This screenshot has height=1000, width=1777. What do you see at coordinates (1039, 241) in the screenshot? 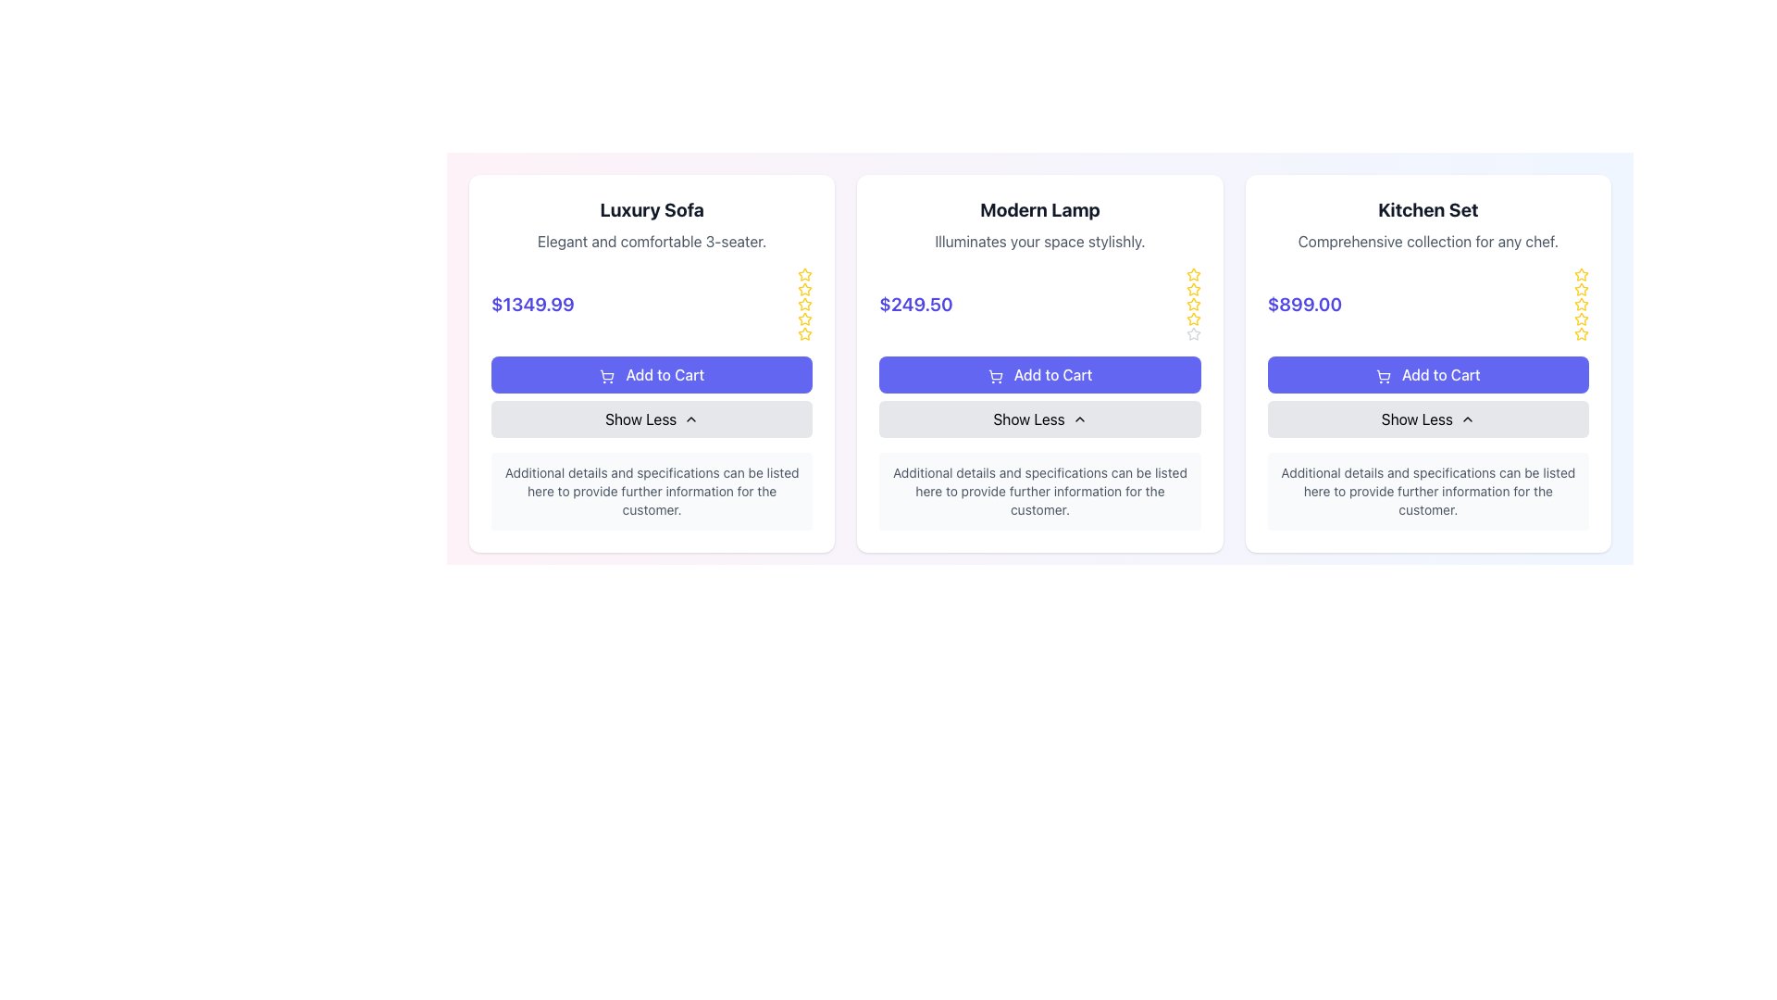
I see `the text label that reads 'Illuminates your space stylishly.' which is located in the middle card of a three-card layout, directly below the title 'Modern Lamp'` at bounding box center [1039, 241].